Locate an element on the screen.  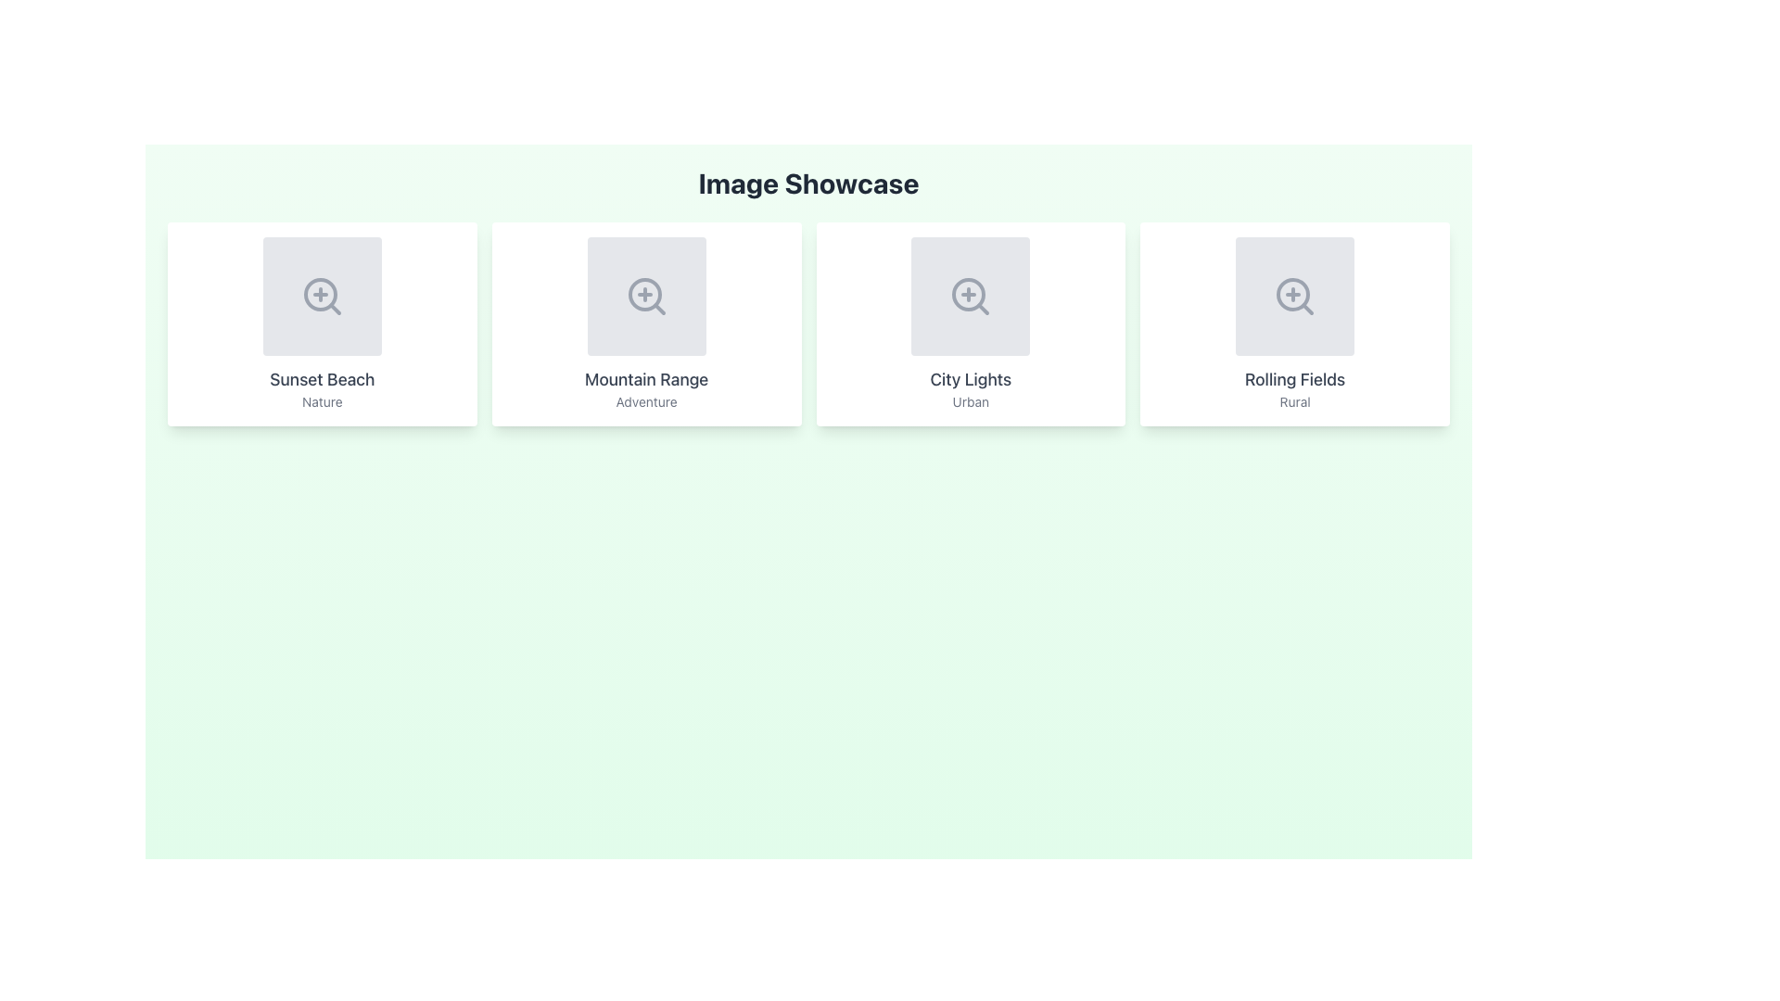
the magnifying glass icon with a '+' symbol inside it, located in the 'Mountain Range' card, to zoom in is located at coordinates (646, 296).